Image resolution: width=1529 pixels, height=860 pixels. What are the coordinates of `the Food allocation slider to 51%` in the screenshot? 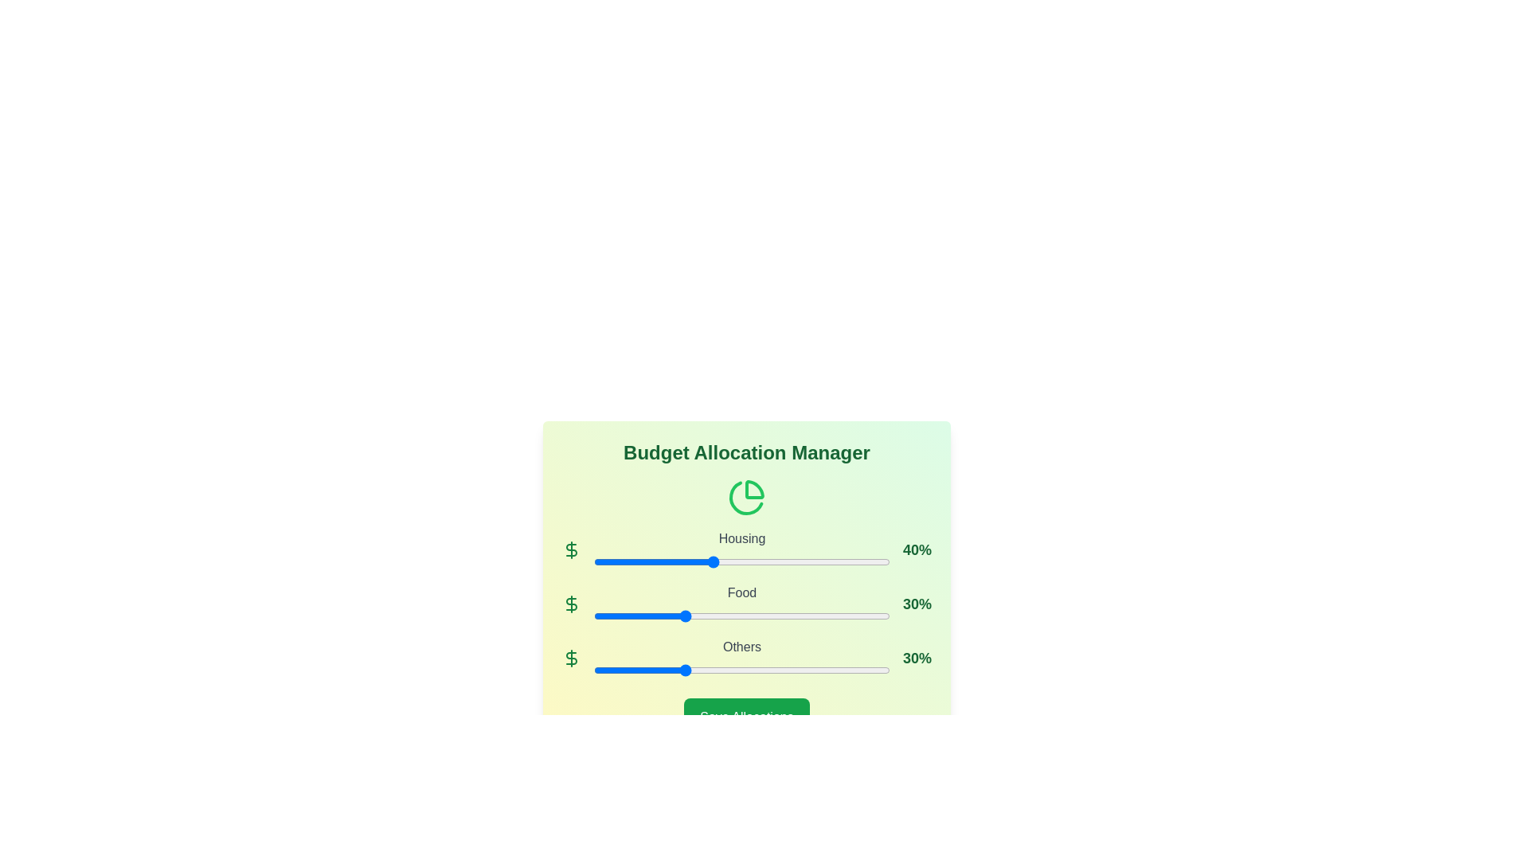 It's located at (744, 616).